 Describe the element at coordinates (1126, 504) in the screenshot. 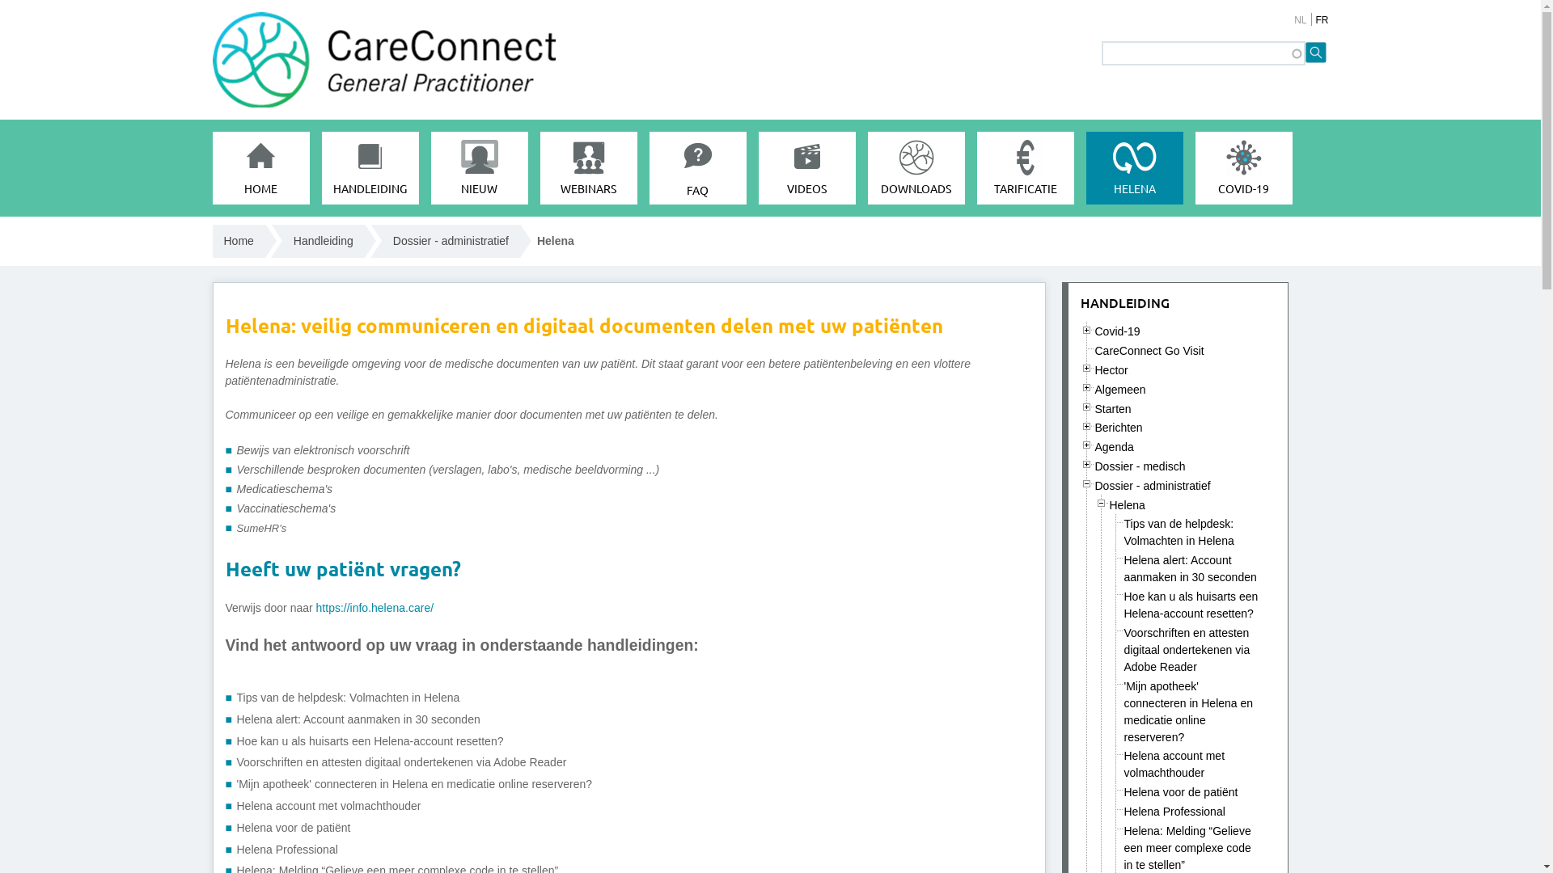

I see `'Helena'` at that location.